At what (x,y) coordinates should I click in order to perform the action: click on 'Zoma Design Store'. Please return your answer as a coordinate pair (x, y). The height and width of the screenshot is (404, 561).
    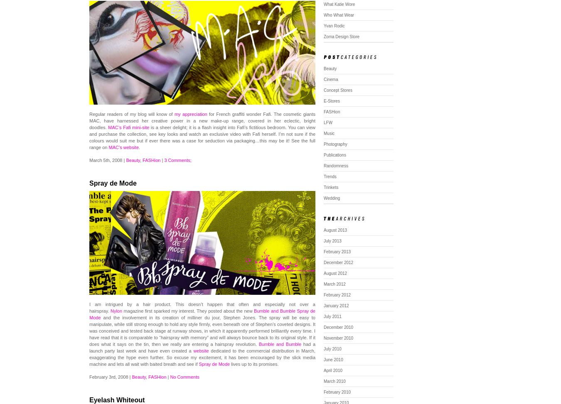
    Looking at the image, I should click on (342, 36).